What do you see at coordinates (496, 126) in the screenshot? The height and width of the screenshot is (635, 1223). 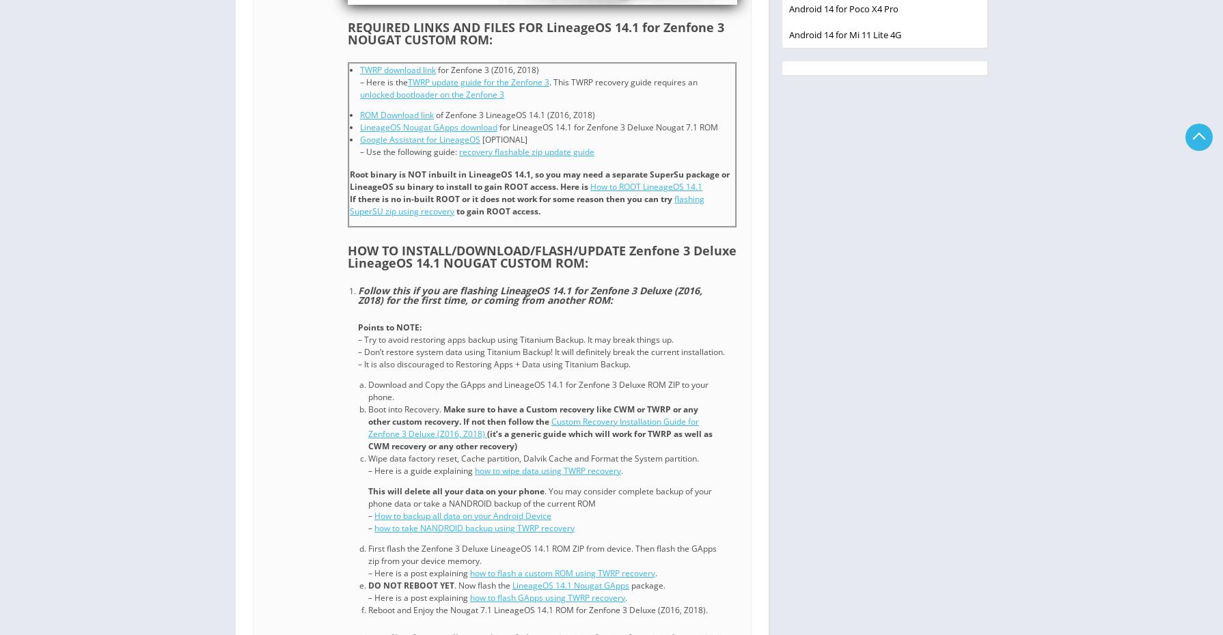 I see `'for LineageOS 14.1 for Zenfone 3 Deluxe Nougat 7.1 ROM'` at bounding box center [496, 126].